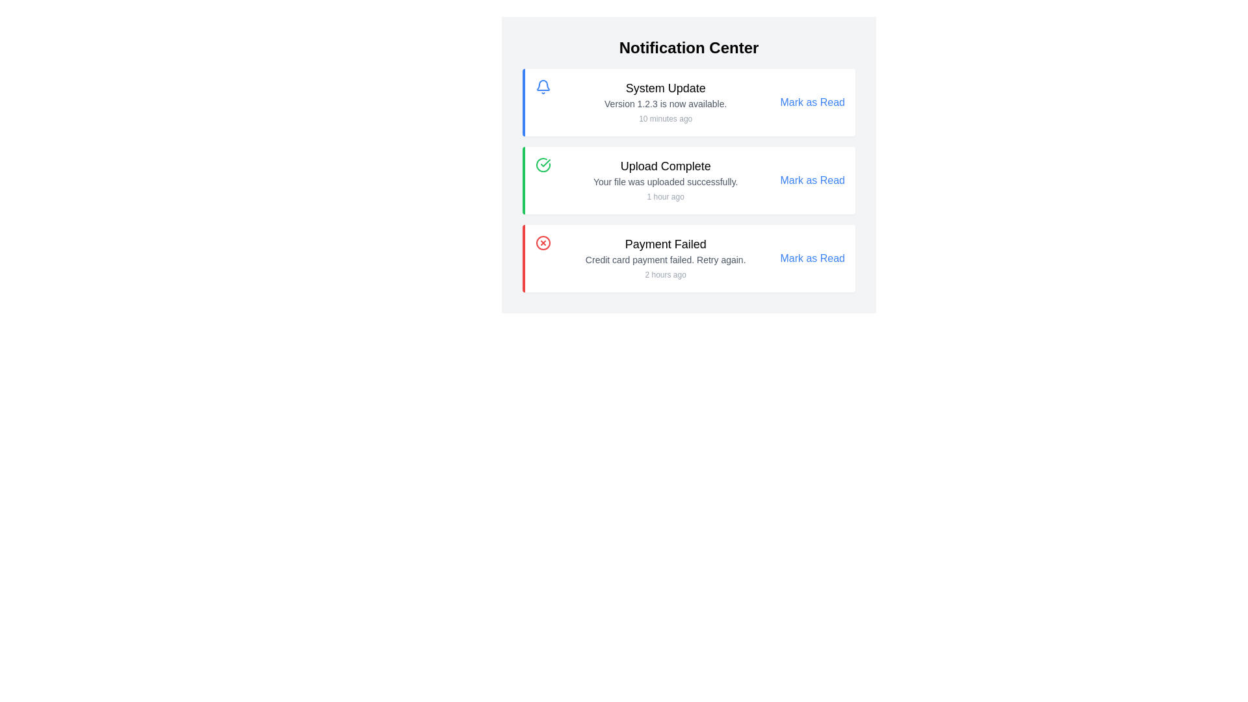 The height and width of the screenshot is (702, 1248). What do you see at coordinates (666, 274) in the screenshot?
I see `the timestamp text located in the third notification item of the 'Notification Center', which is directly below the description 'Credit card payment failed. Retry again.'` at bounding box center [666, 274].